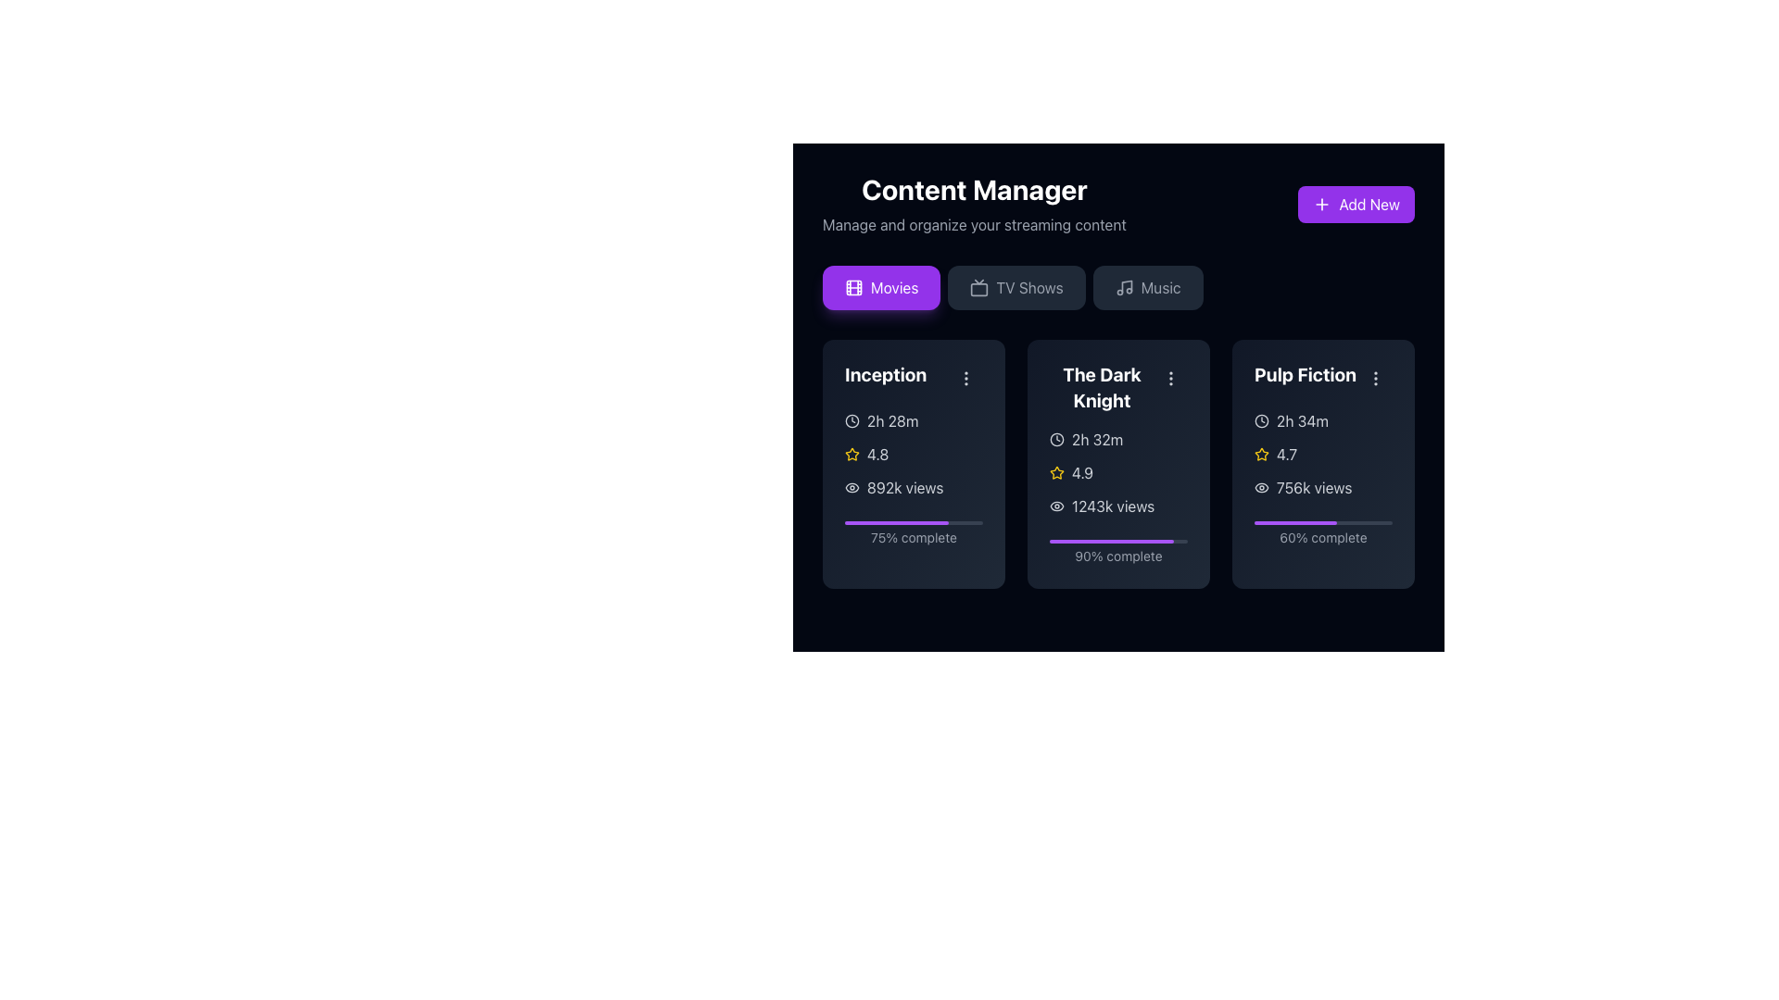  Describe the element at coordinates (1057, 506) in the screenshot. I see `the eye icon representing views, located to the left of the text '1243k views' within the card for 'The Dark Knight.'` at that location.